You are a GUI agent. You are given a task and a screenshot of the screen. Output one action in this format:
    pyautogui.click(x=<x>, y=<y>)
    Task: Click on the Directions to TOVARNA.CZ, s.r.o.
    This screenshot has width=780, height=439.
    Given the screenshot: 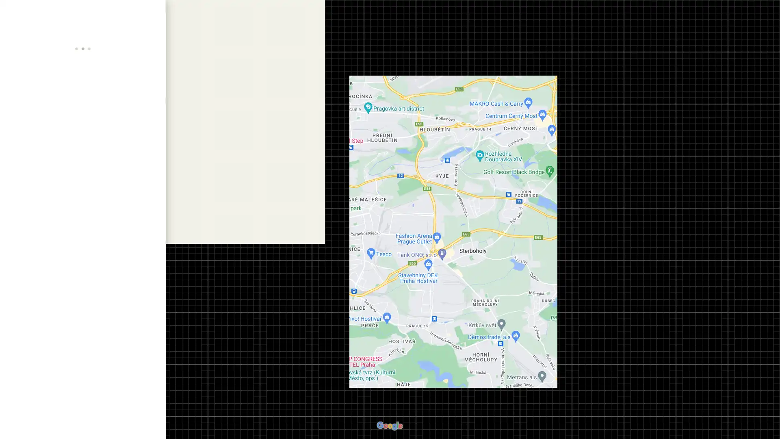 What is the action you would take?
    pyautogui.click(x=23, y=159)
    